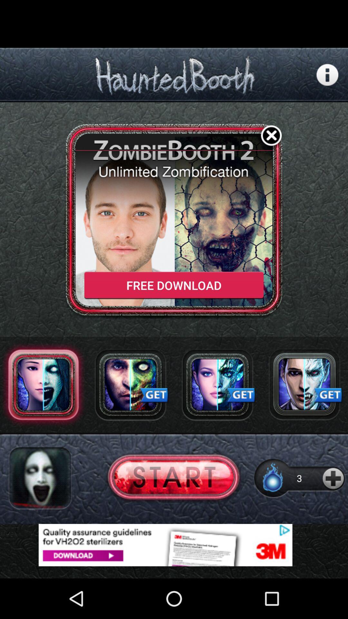  What do you see at coordinates (304, 385) in the screenshot?
I see `games page` at bounding box center [304, 385].